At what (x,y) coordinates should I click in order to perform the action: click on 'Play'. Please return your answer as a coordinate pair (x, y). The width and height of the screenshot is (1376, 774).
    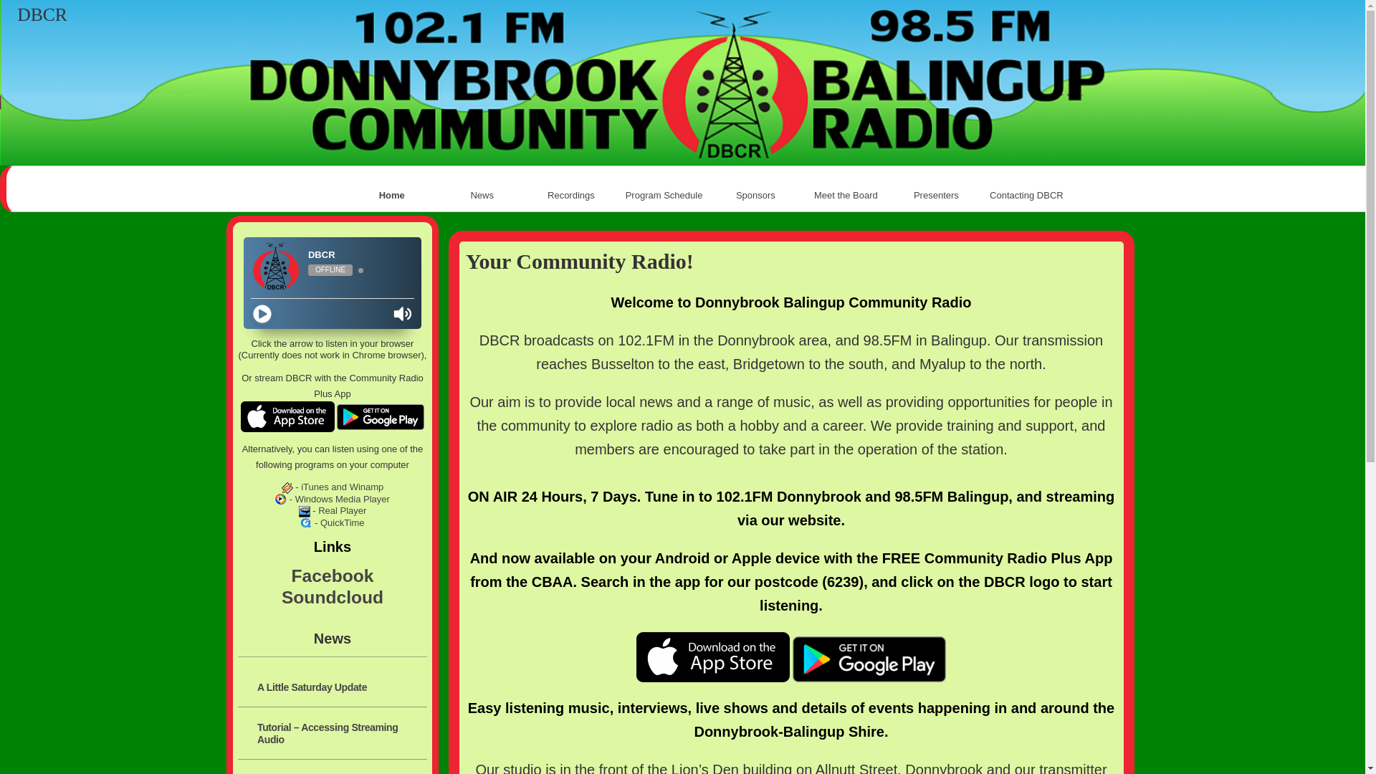
    Looking at the image, I should click on (262, 313).